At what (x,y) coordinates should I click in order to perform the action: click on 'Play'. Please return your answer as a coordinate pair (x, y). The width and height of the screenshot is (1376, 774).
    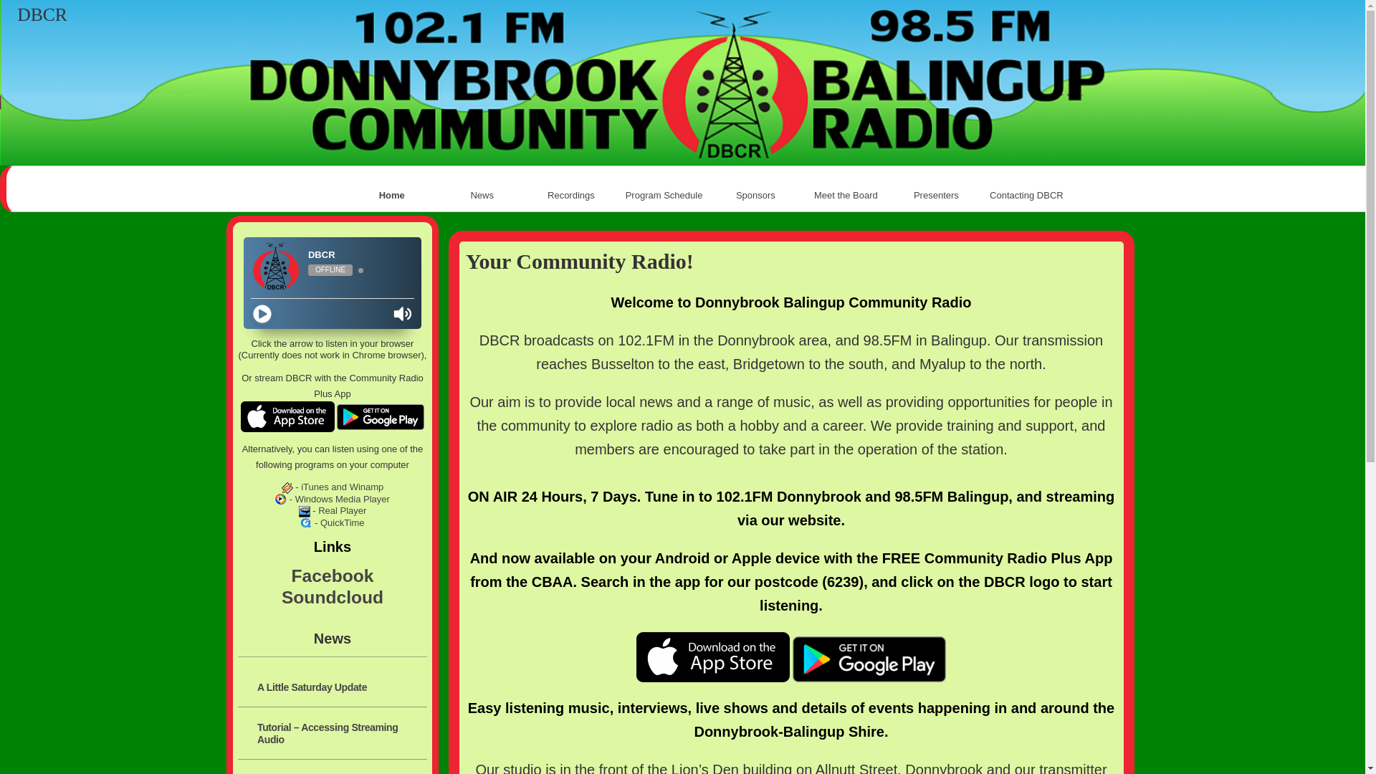
    Looking at the image, I should click on (262, 313).